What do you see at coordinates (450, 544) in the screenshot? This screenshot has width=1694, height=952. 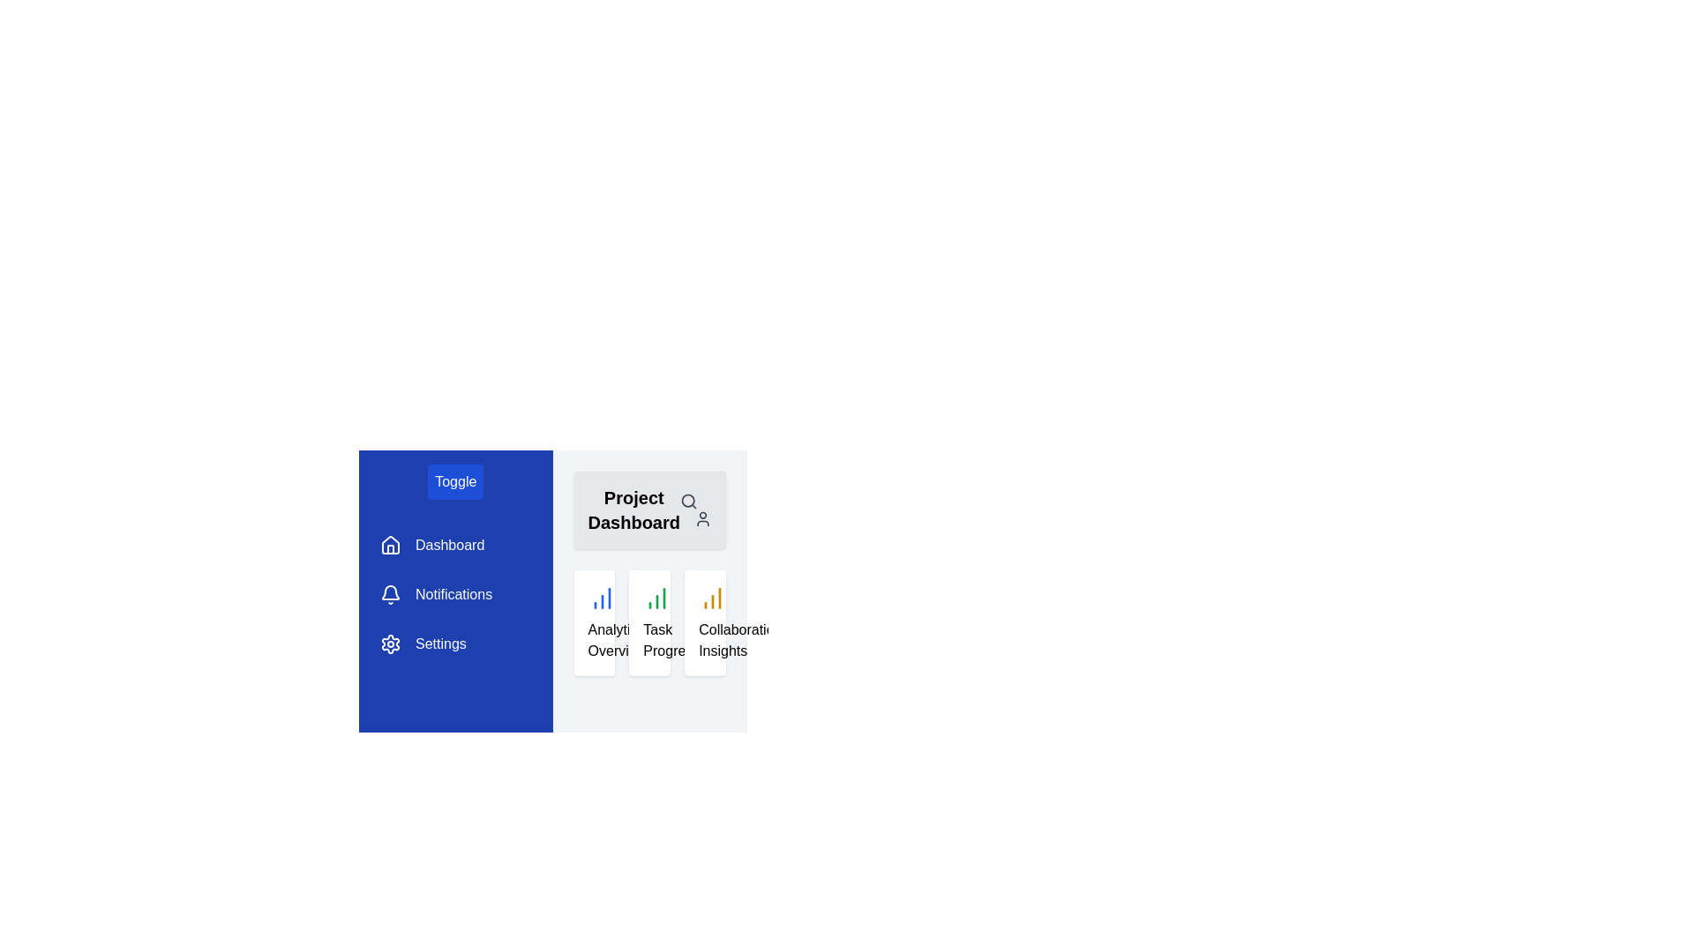 I see `the 'Dashboard' text label element, which is part of the vertical navigation menu and is visually associated with a house icon` at bounding box center [450, 544].